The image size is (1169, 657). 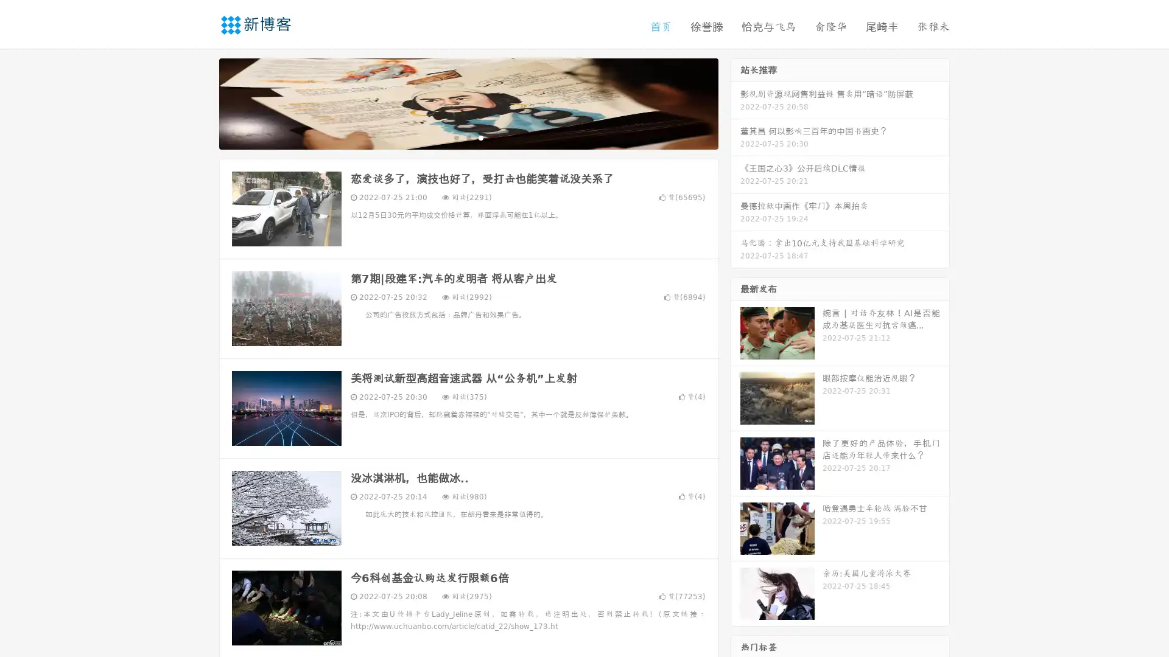 What do you see at coordinates (468, 137) in the screenshot?
I see `Go to slide 2` at bounding box center [468, 137].